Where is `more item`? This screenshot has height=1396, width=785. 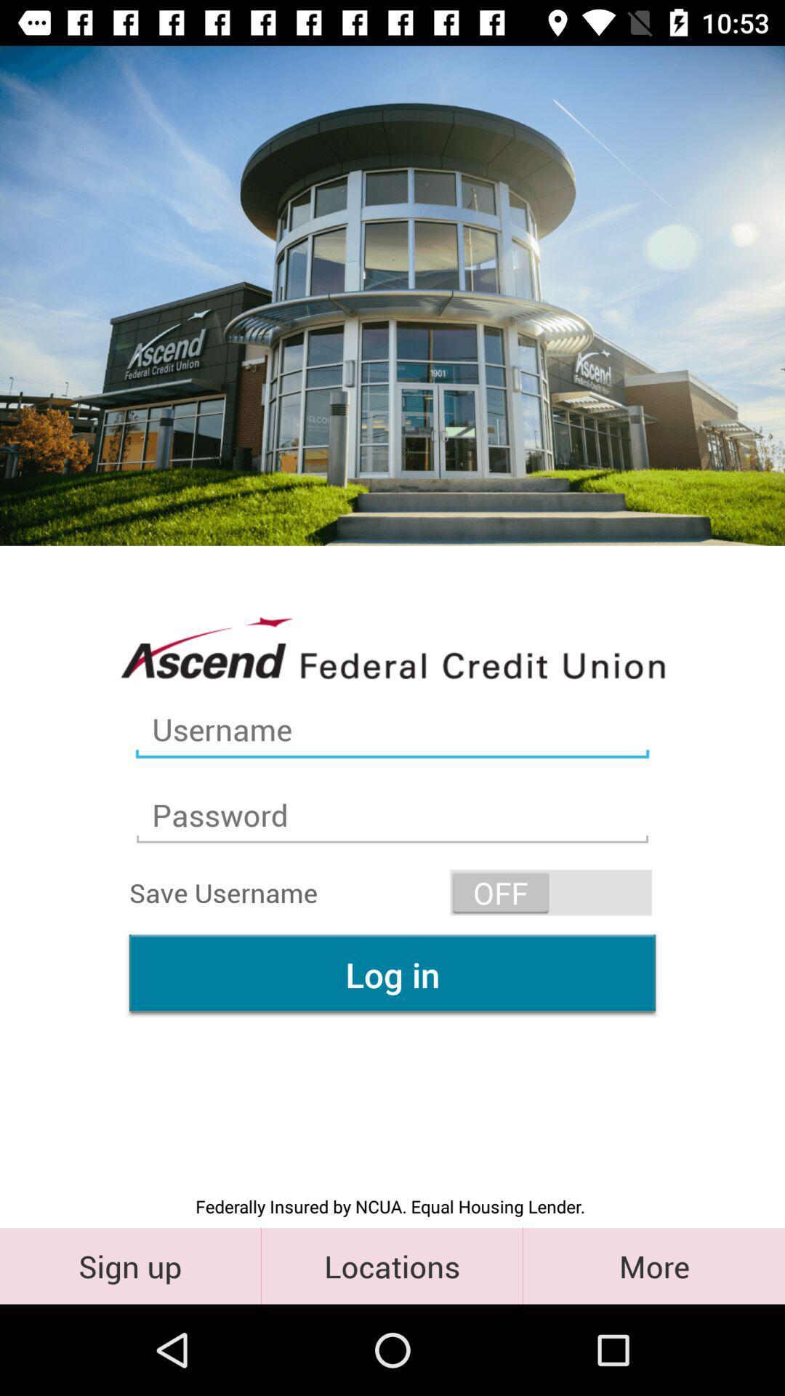
more item is located at coordinates (653, 1265).